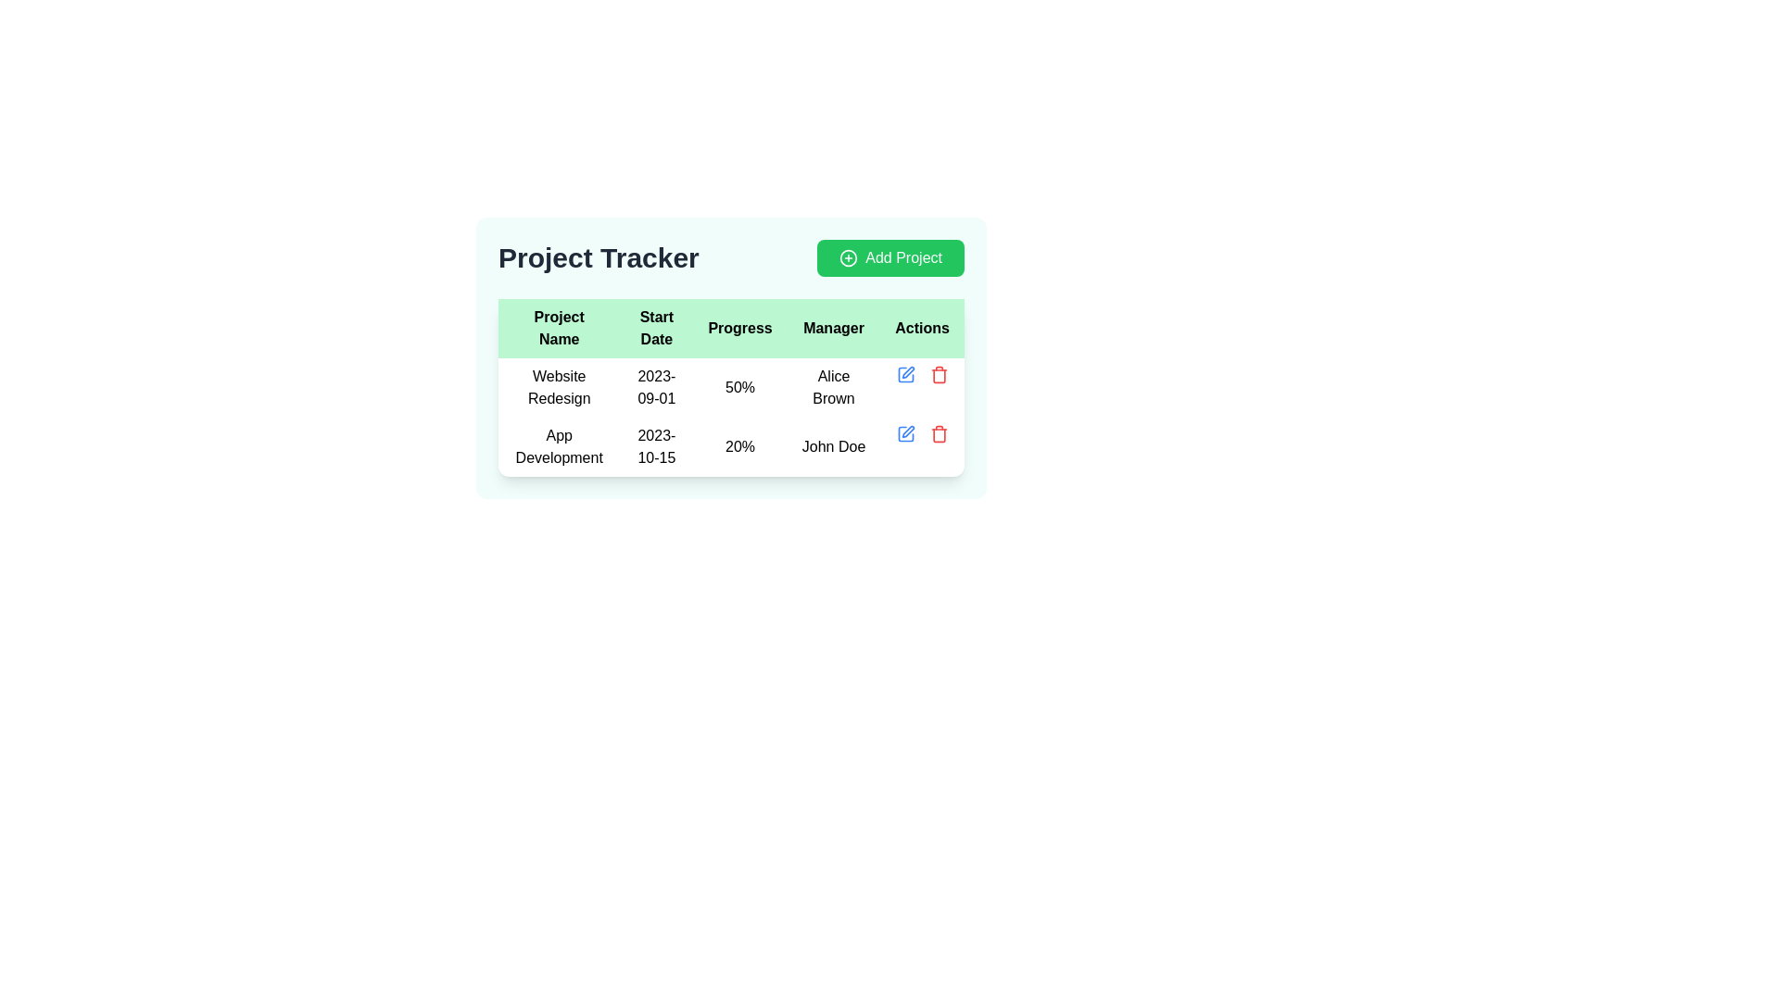 This screenshot has width=1779, height=1000. What do you see at coordinates (905, 375) in the screenshot?
I see `the edit button located in the second row of the table under the 'Actions' column, next to the red trash can icon` at bounding box center [905, 375].